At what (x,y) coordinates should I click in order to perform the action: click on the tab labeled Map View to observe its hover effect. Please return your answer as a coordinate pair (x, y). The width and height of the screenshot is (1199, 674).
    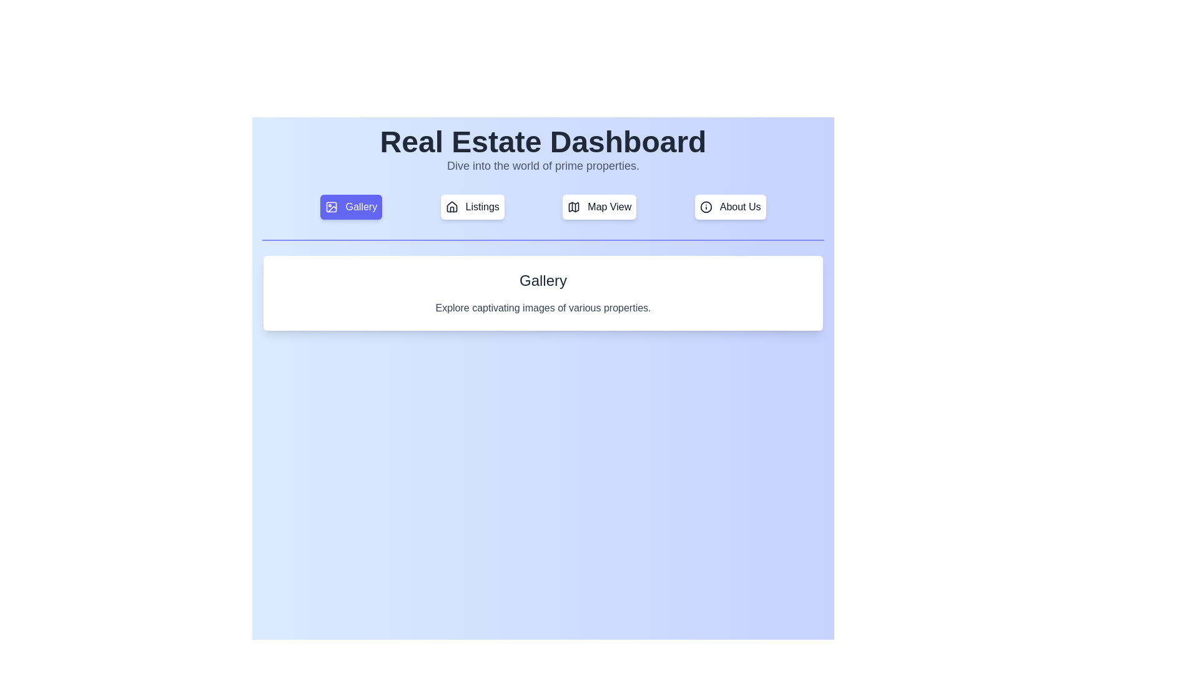
    Looking at the image, I should click on (599, 206).